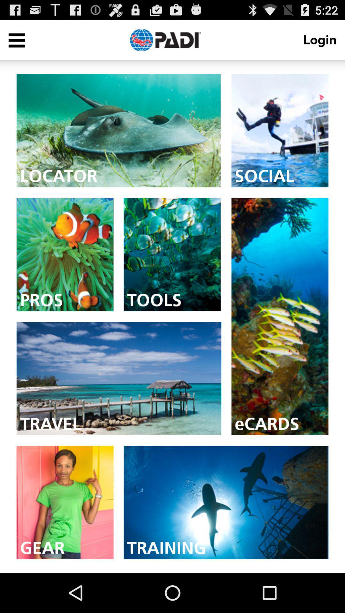  I want to click on access ecards, so click(280, 316).